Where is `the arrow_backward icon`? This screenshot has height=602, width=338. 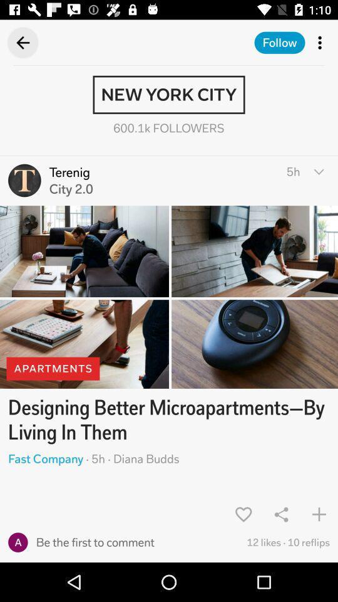 the arrow_backward icon is located at coordinates (18, 43).